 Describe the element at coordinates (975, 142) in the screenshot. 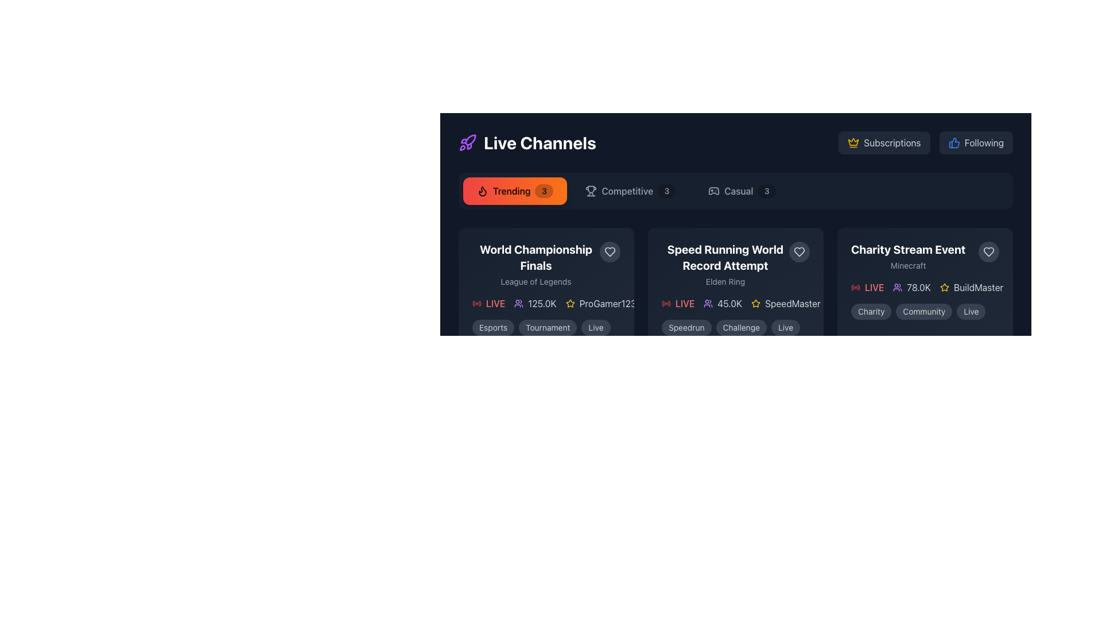

I see `the 'Following' button, which is the second button on the right side of the navigation bar, featuring a dark gray background, rounded edges, a blue thumbs-up icon, and light gray text` at that location.